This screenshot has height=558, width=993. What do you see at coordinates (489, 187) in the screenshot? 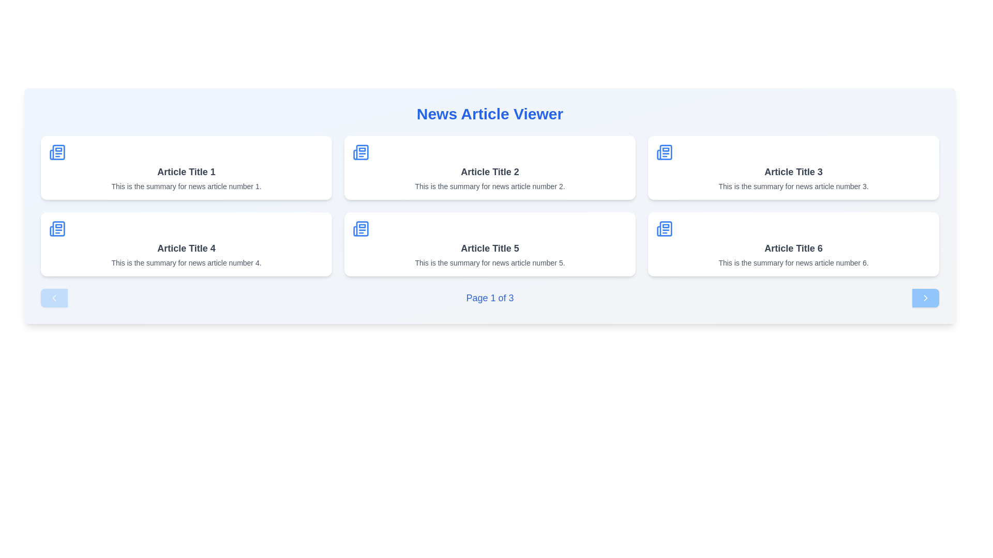
I see `the textual component displaying 'This is the summary for news article number 2.' located beneath 'Article Title 2' in the second card of a 2x3 grid layout` at bounding box center [489, 187].